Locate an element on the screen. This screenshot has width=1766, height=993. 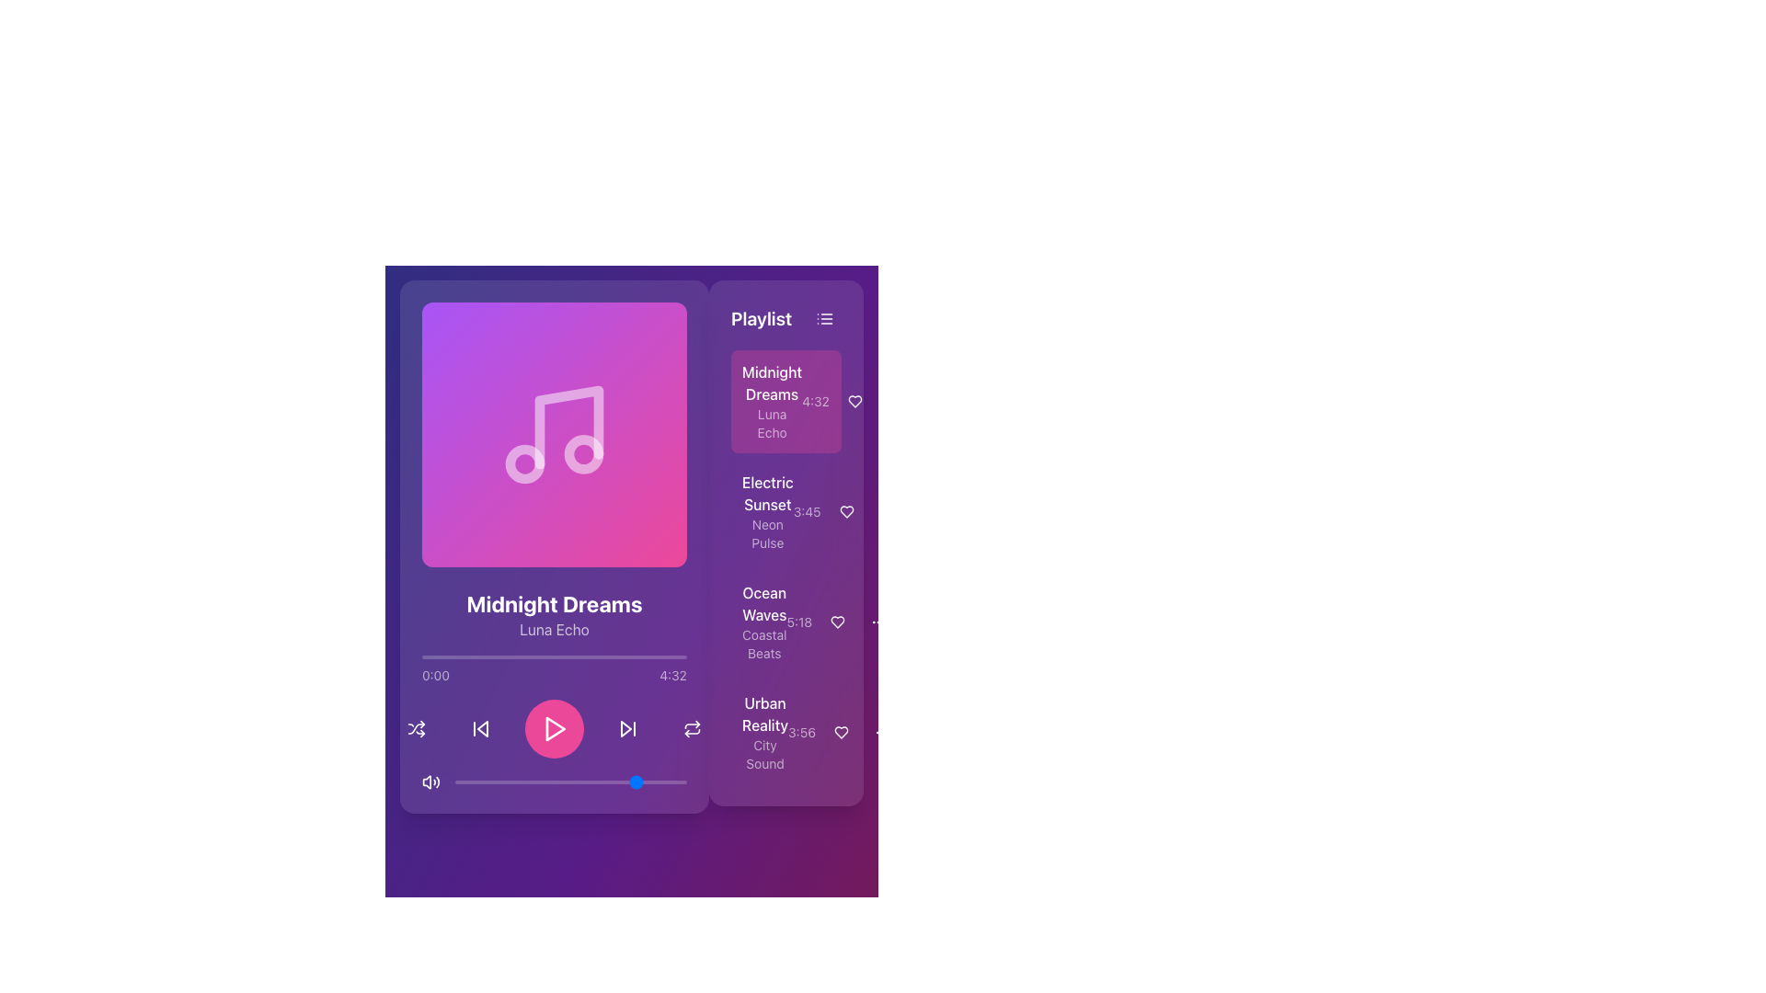
the favorite icon for the 'Electric Sunset' song located in the Playlist section of the interface is located at coordinates (845, 511).